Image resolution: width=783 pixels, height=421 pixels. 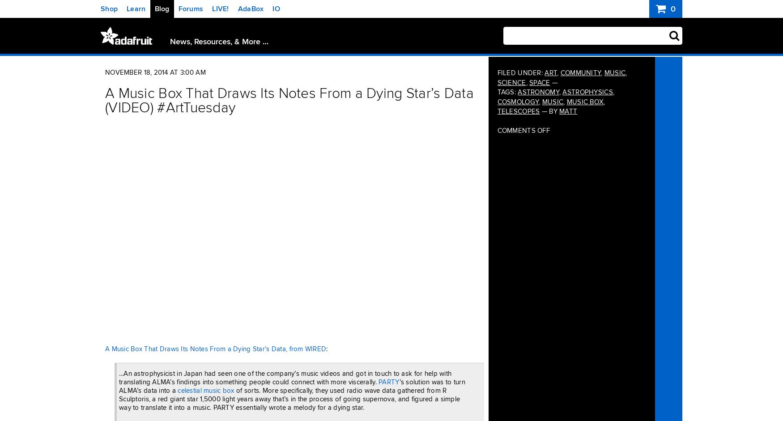 I want to click on 'Tags:', so click(x=507, y=92).